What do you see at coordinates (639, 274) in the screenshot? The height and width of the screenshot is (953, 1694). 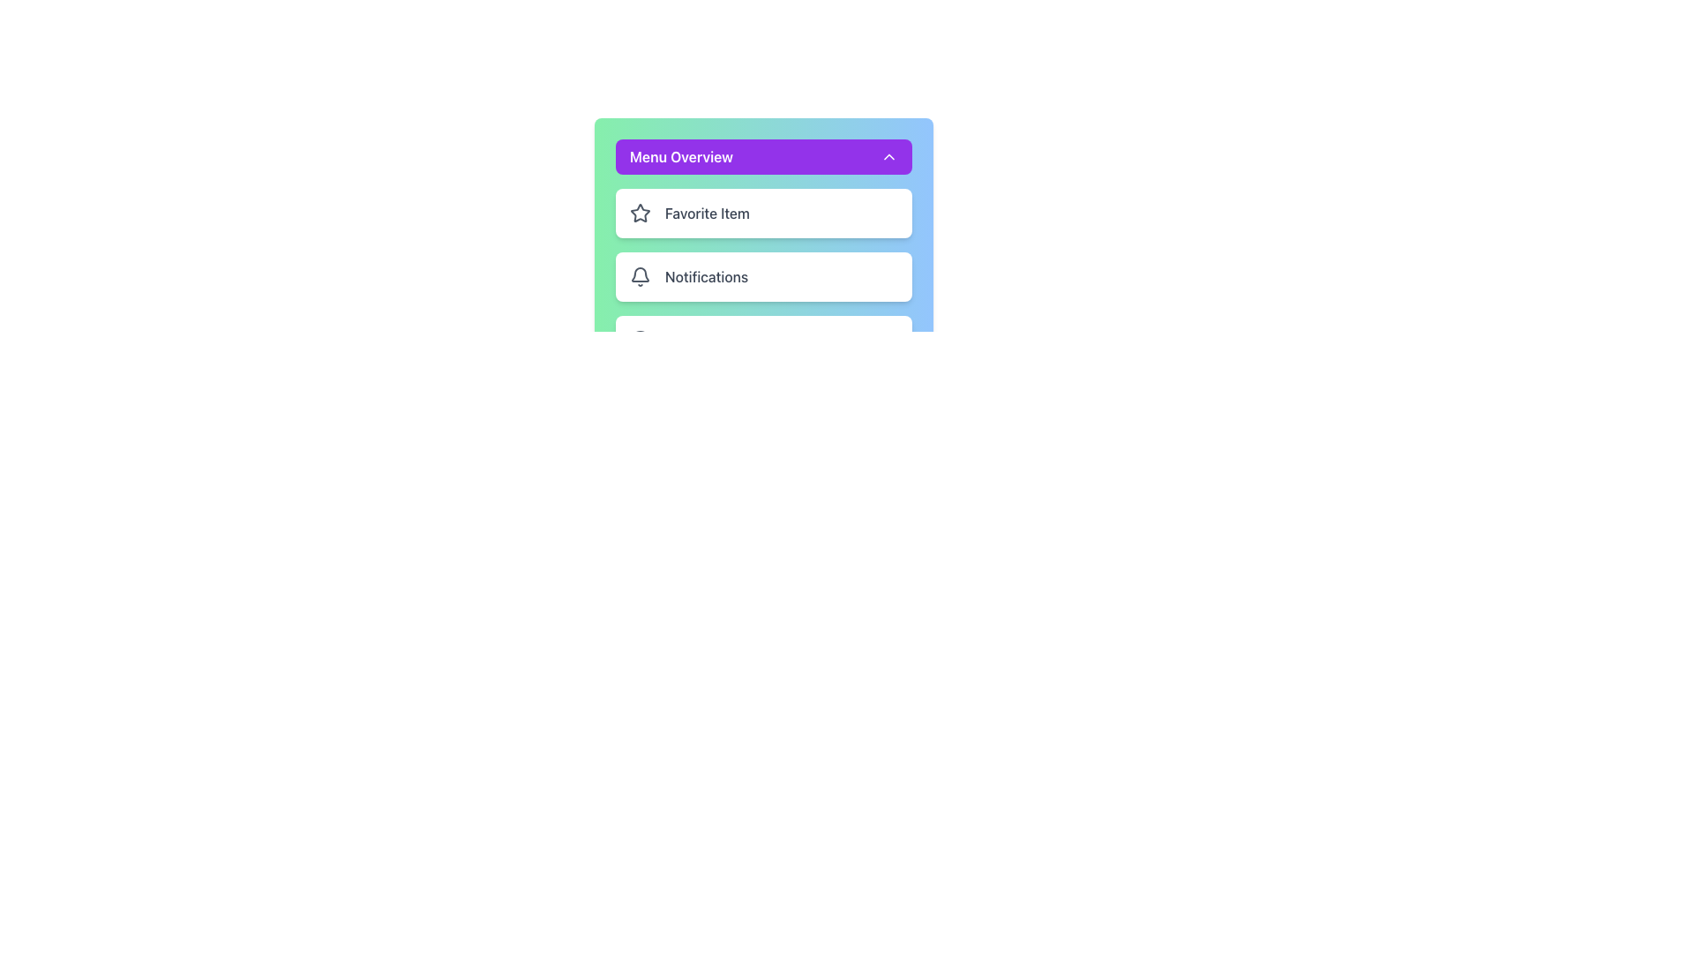 I see `the bell-shaped notification icon located in the 'Notifications' section beneath the 'Favorite Item' section of the vertical menu` at bounding box center [639, 274].